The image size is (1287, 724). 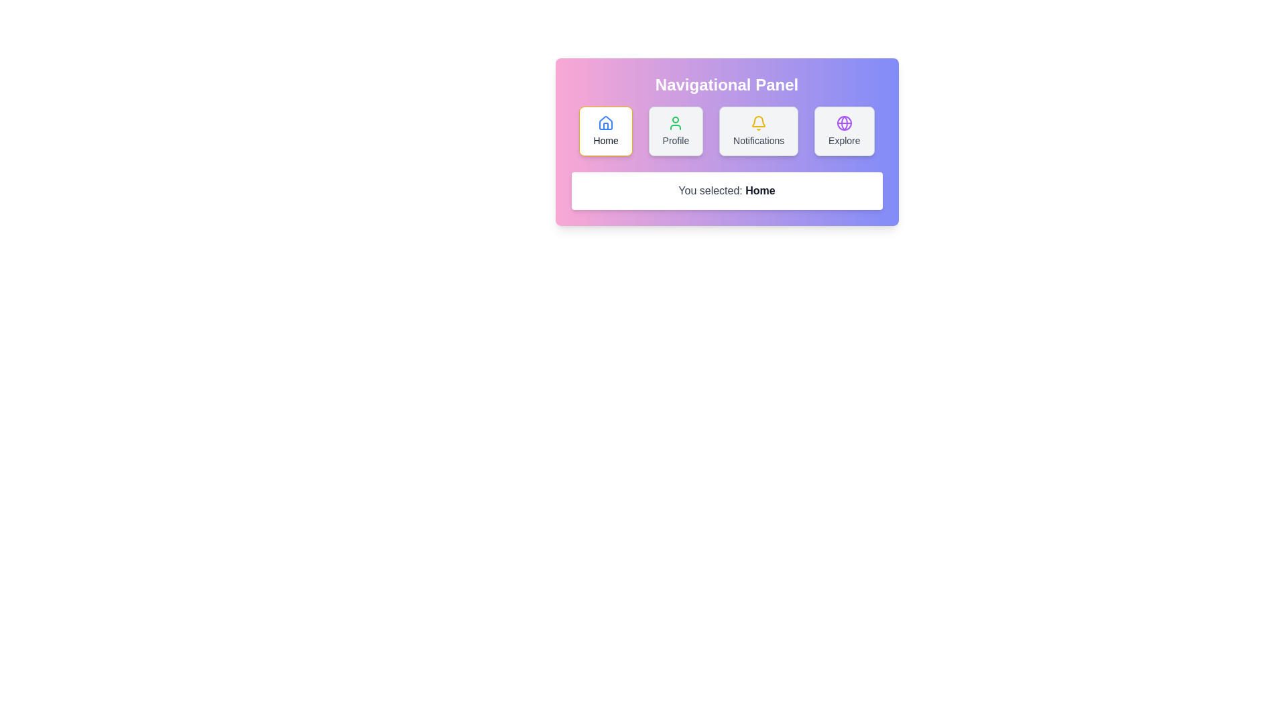 What do you see at coordinates (843, 123) in the screenshot?
I see `the 'Explore' button by clicking on its SVG circle component, which is visually represented as a globe icon in purple and is located within the fourth button of the navigational panel` at bounding box center [843, 123].